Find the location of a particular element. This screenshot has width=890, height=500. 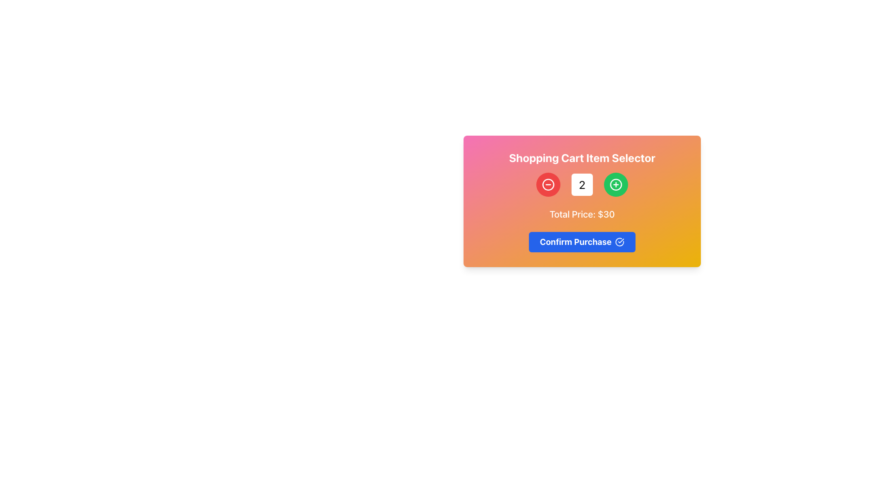

the small green circle button with a white plus sign to increment the value is located at coordinates (616, 184).